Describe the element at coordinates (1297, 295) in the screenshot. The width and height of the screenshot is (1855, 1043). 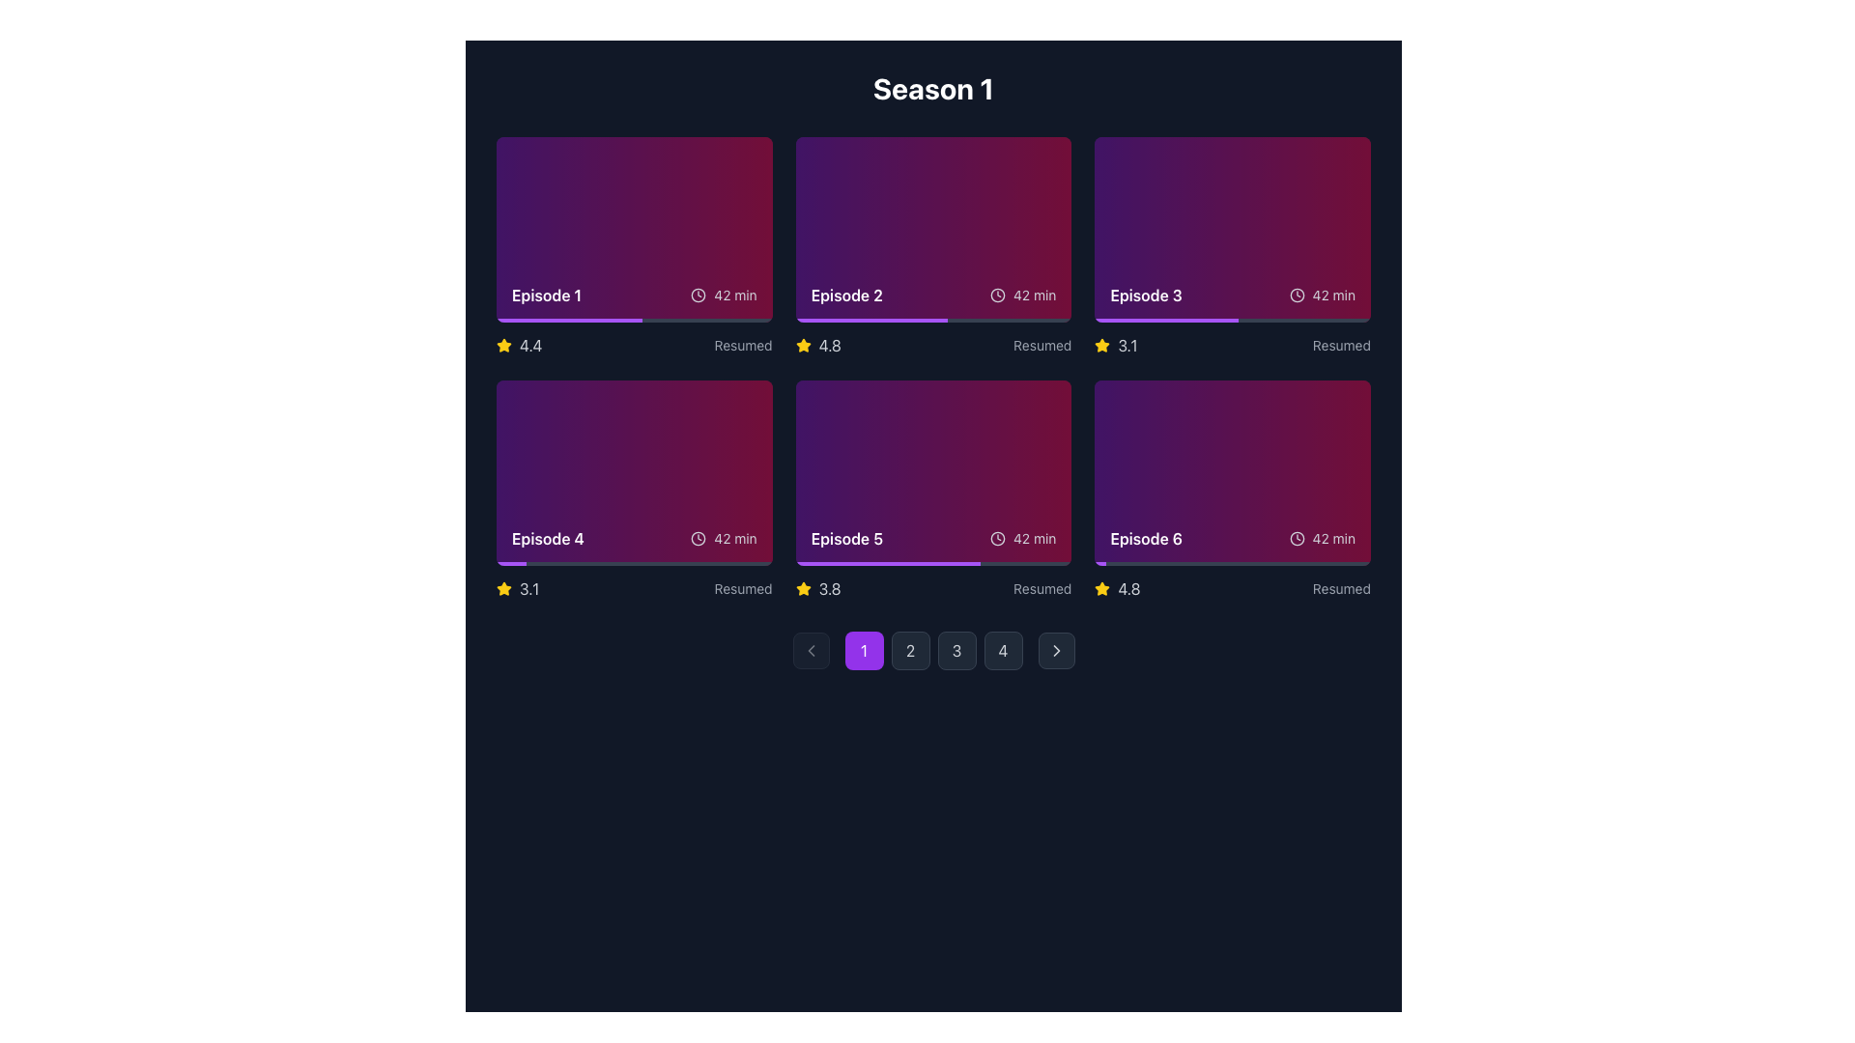
I see `the time icon located in the Episode 3 card, which is in the second row, third column of the layout, to the left of the '42 min' text` at that location.